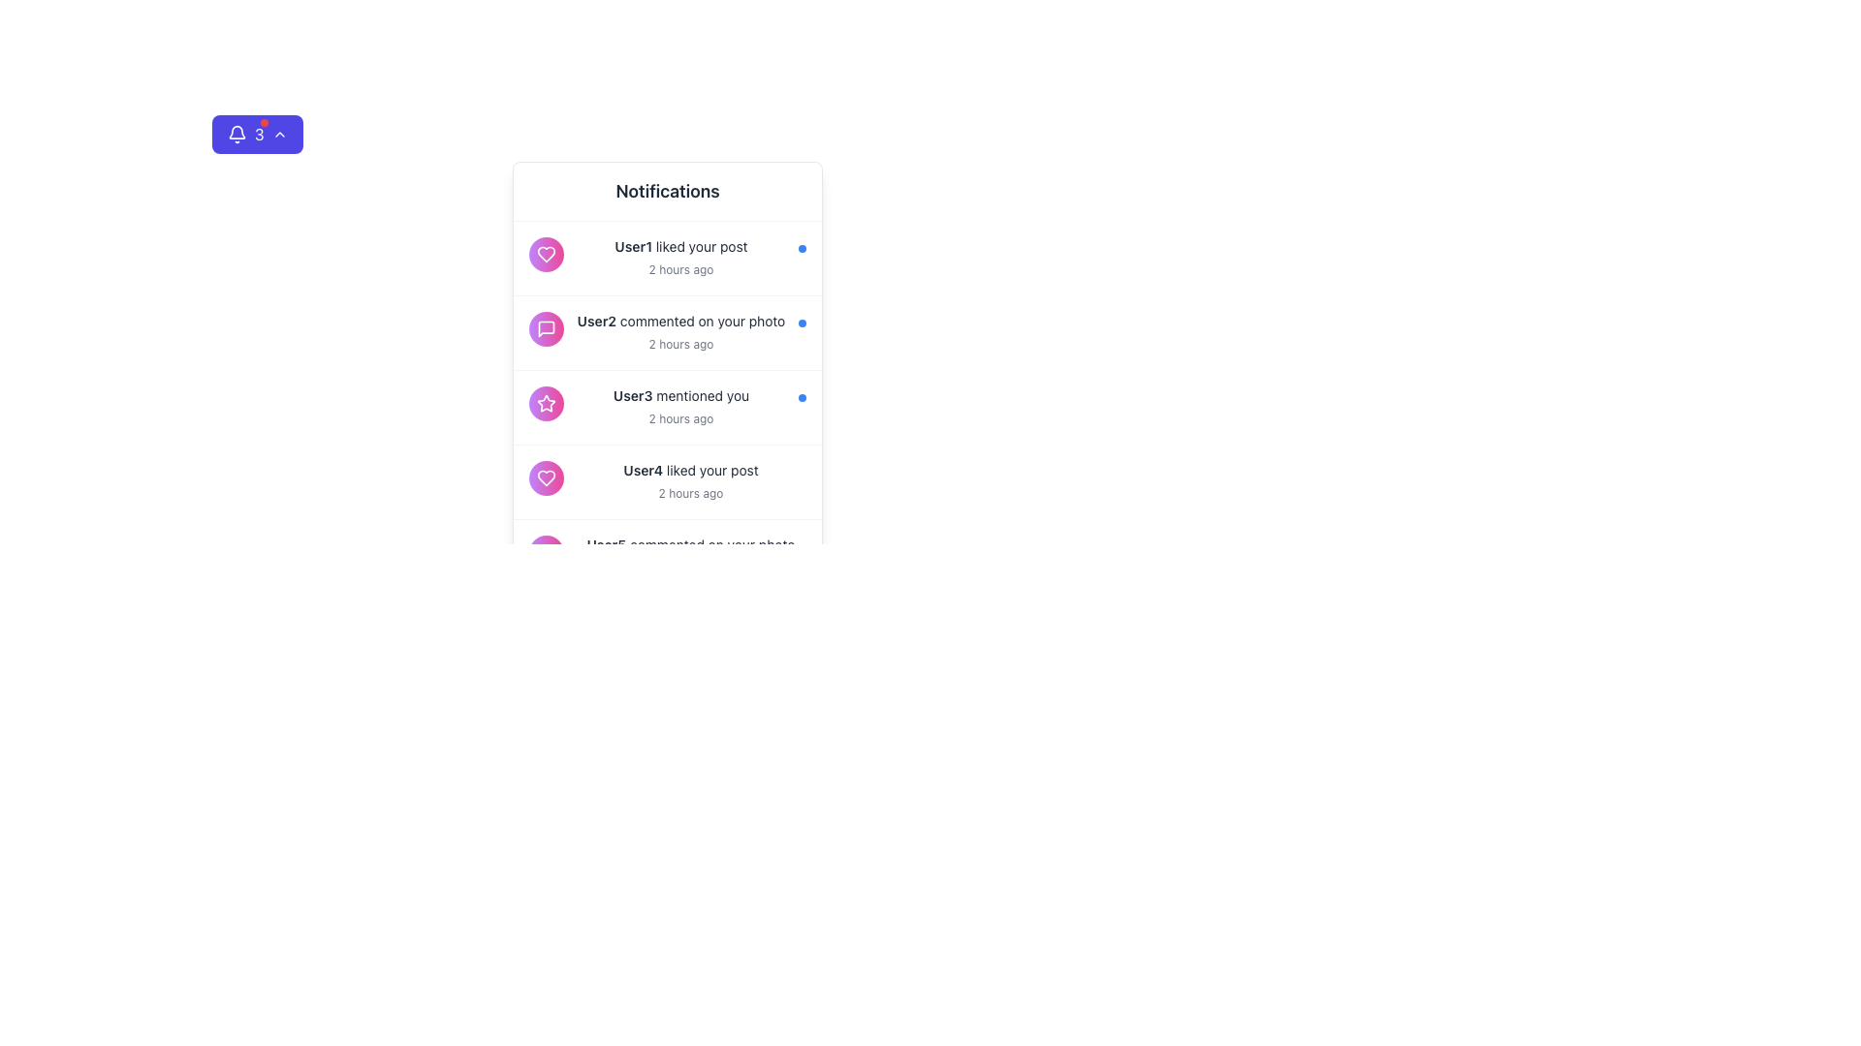 Image resolution: width=1861 pixels, height=1046 pixels. Describe the element at coordinates (680, 417) in the screenshot. I see `light gray text label that displays '2 hours ago', which is positioned below the main notification text 'User3 mentioned you' in the third entry of the notification list` at that location.